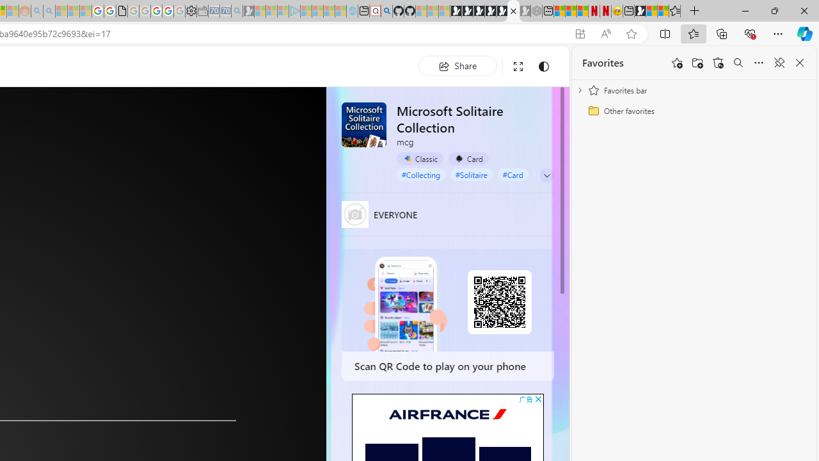 The width and height of the screenshot is (819, 461). Describe the element at coordinates (718, 63) in the screenshot. I see `'Restore deleted favorites'` at that location.